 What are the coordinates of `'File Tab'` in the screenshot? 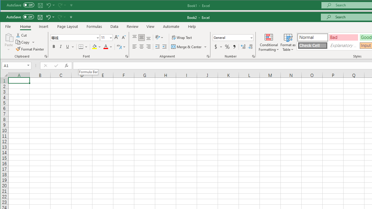 It's located at (8, 26).